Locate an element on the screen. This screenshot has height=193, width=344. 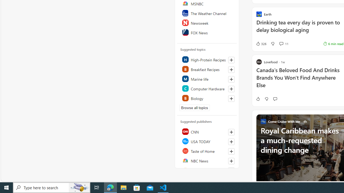
'USA TODAY' is located at coordinates (207, 141).